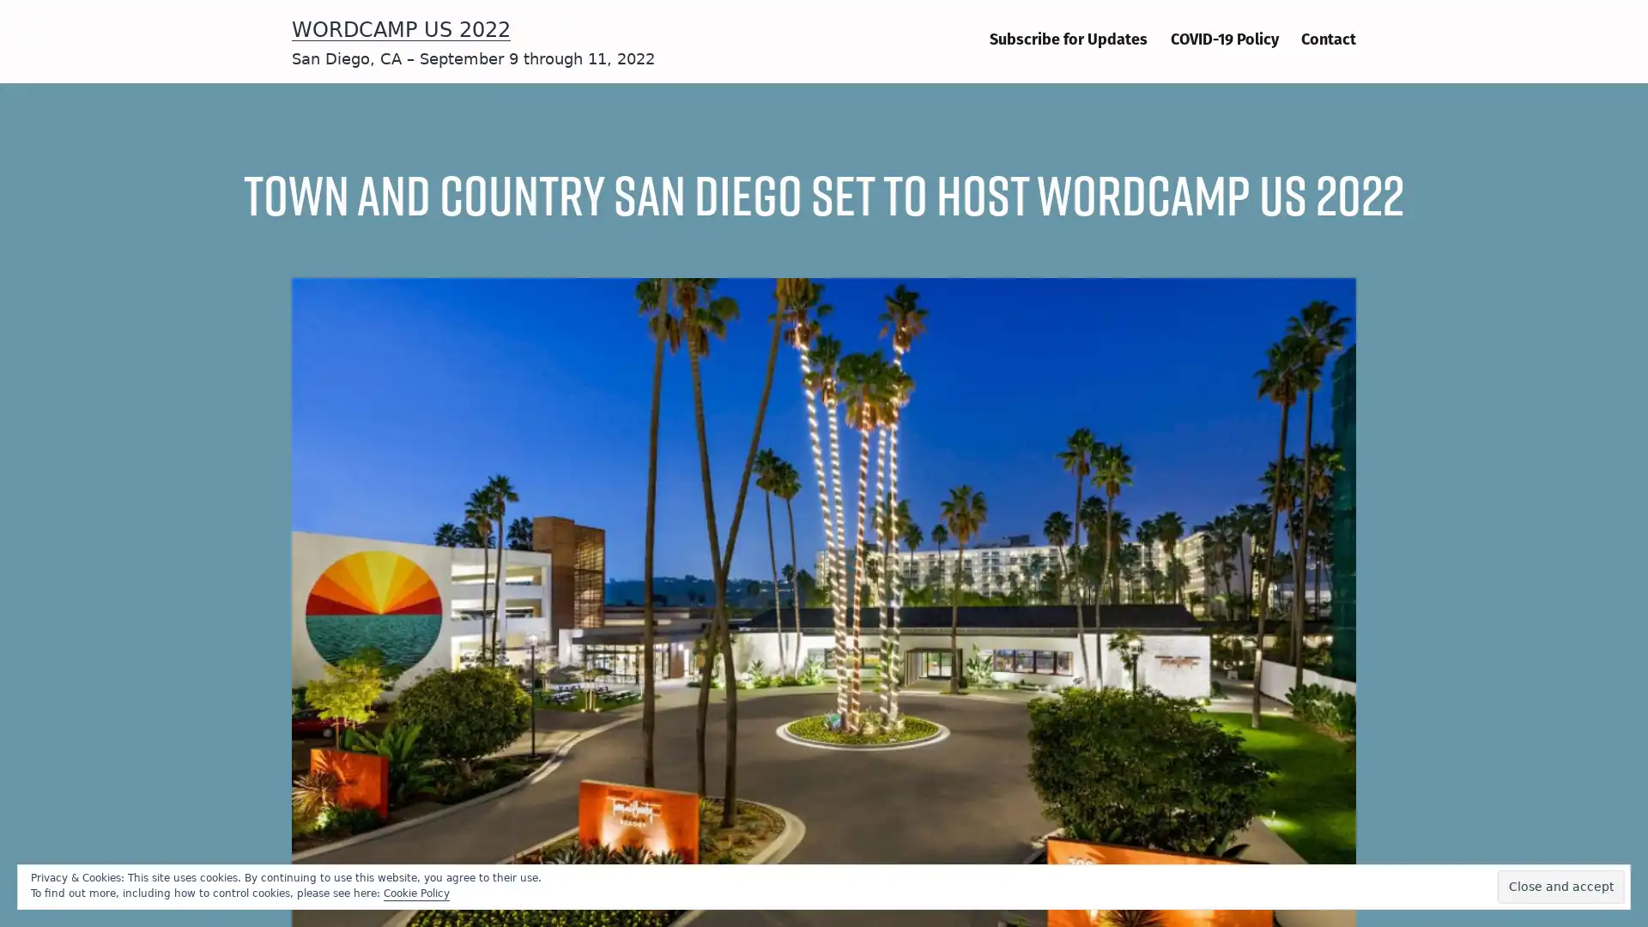 This screenshot has width=1648, height=927. Describe the element at coordinates (1561, 887) in the screenshot. I see `Close and accept` at that location.